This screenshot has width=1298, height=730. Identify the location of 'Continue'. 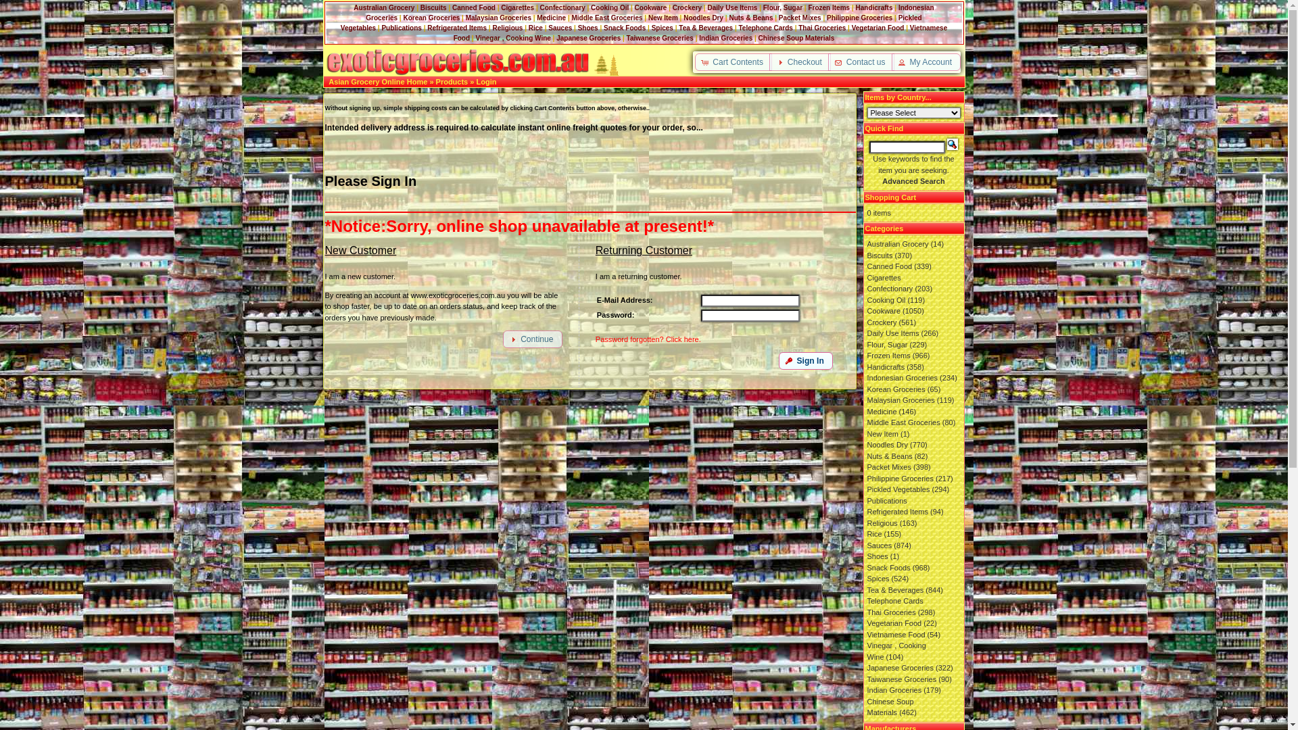
(531, 338).